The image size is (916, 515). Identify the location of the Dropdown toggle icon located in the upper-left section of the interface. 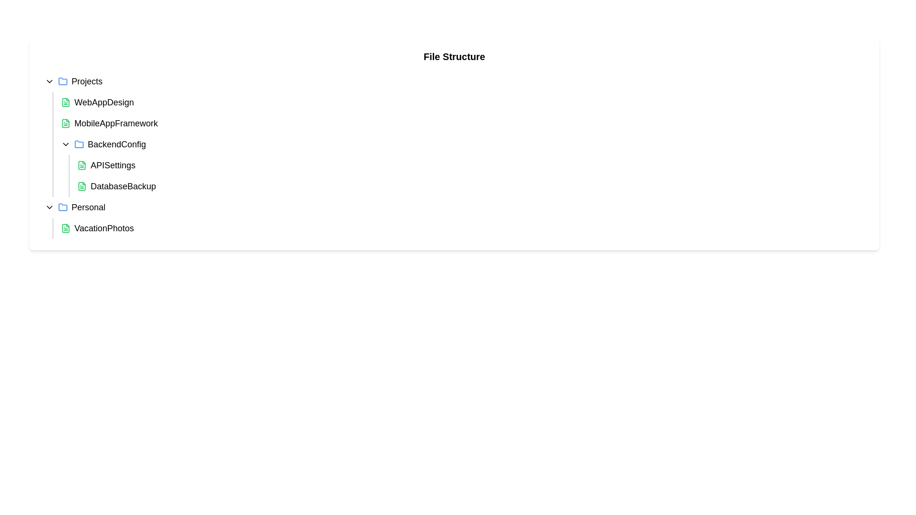
(49, 81).